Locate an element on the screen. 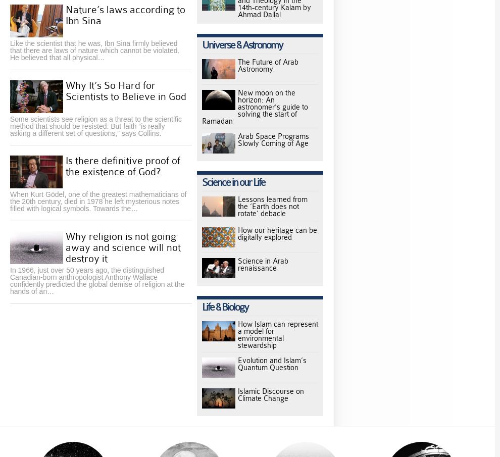 The height and width of the screenshot is (457, 500). 'Life & Biology' is located at coordinates (224, 307).